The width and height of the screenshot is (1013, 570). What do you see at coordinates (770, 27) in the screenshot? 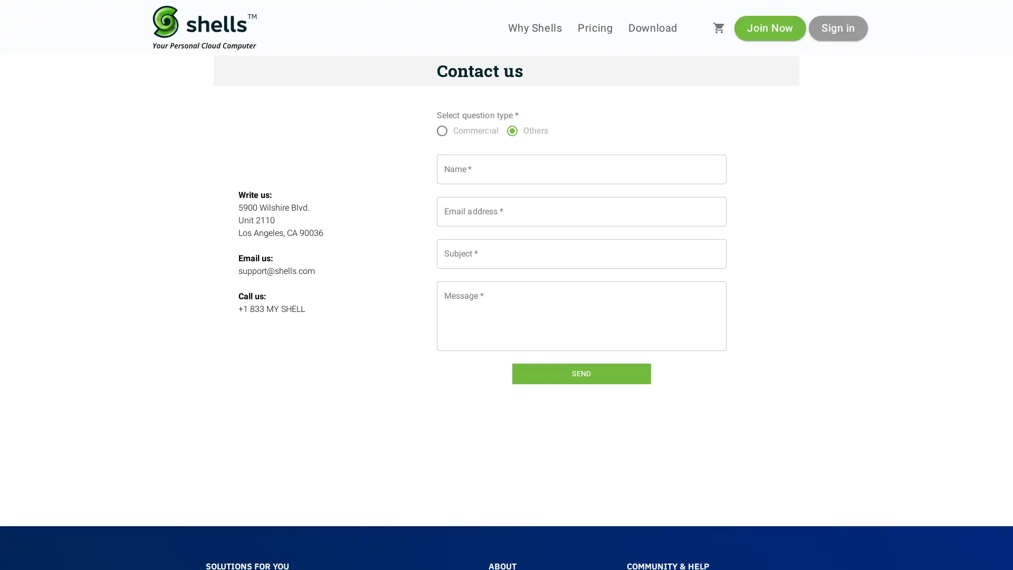
I see `Join Now` at bounding box center [770, 27].